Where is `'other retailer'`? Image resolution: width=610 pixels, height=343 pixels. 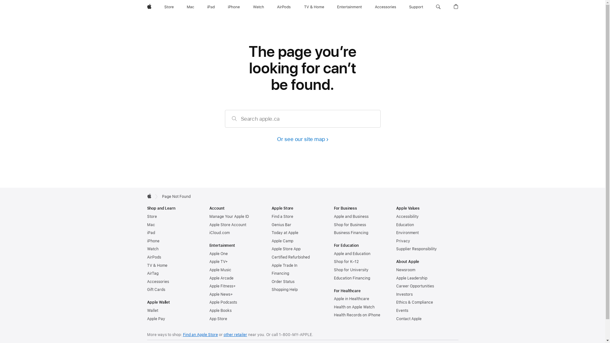 'other retailer' is located at coordinates (235, 334).